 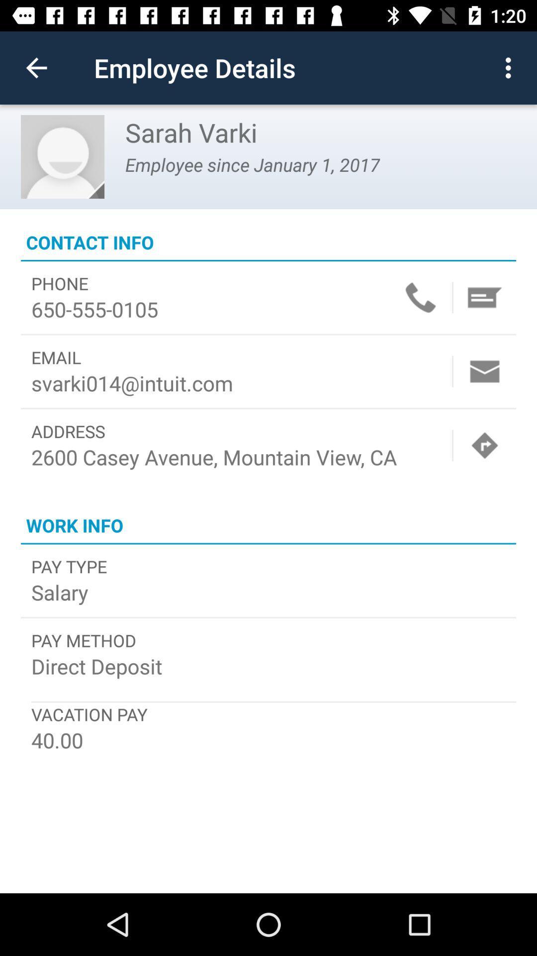 I want to click on profile photo, so click(x=63, y=156).